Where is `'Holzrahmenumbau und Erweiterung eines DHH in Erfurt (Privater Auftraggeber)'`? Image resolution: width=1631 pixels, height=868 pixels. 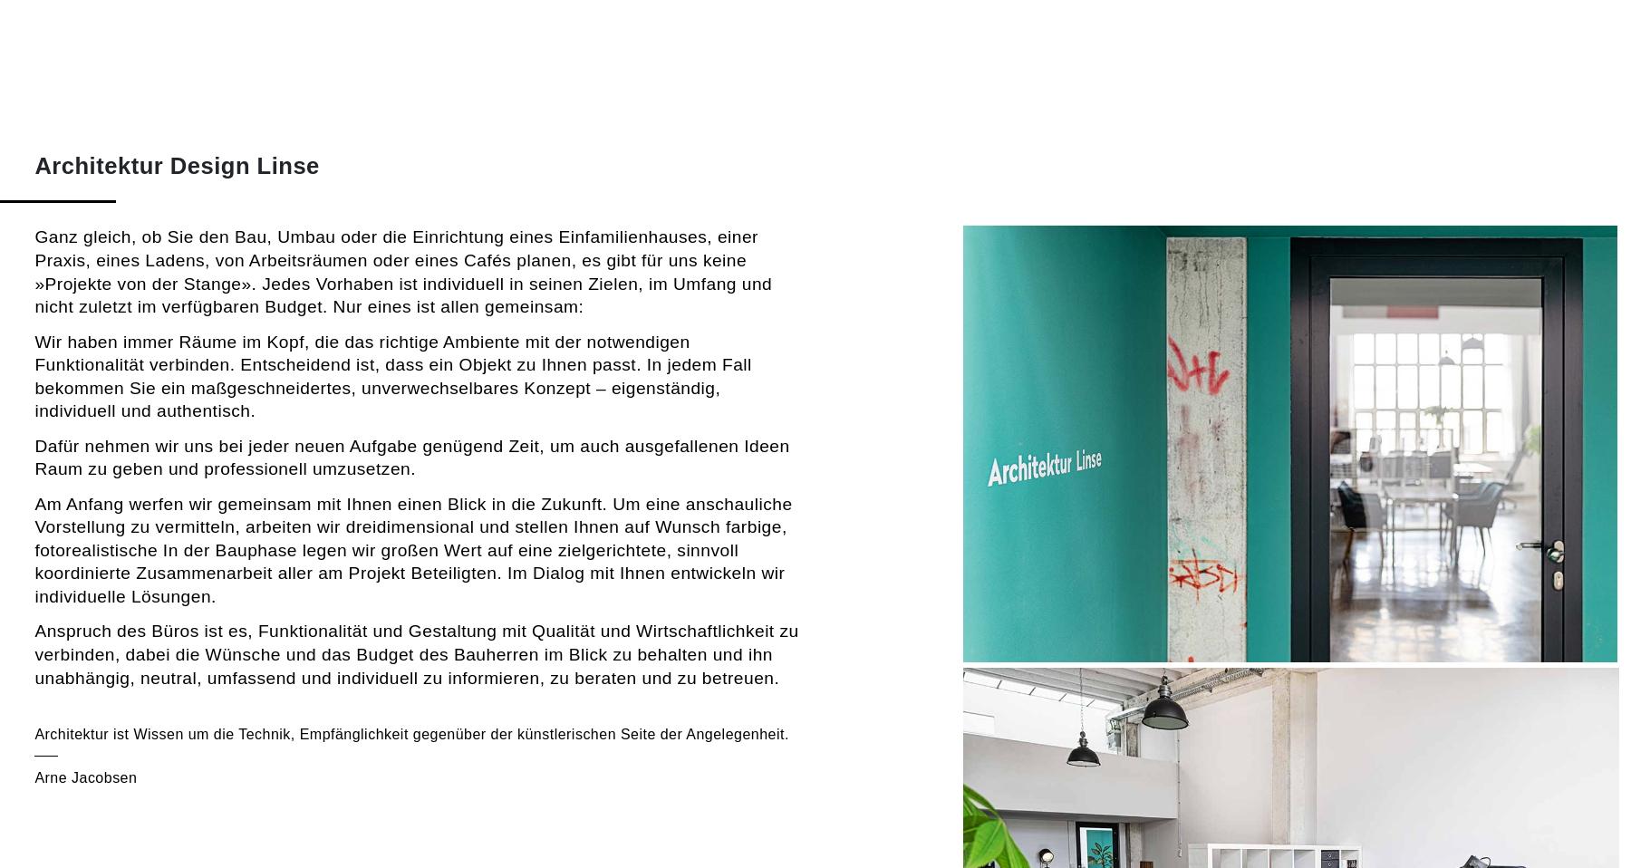
'Holzrahmenumbau und Erweiterung eines DHH in Erfurt (Privater Auftraggeber)' is located at coordinates (1186, 560).